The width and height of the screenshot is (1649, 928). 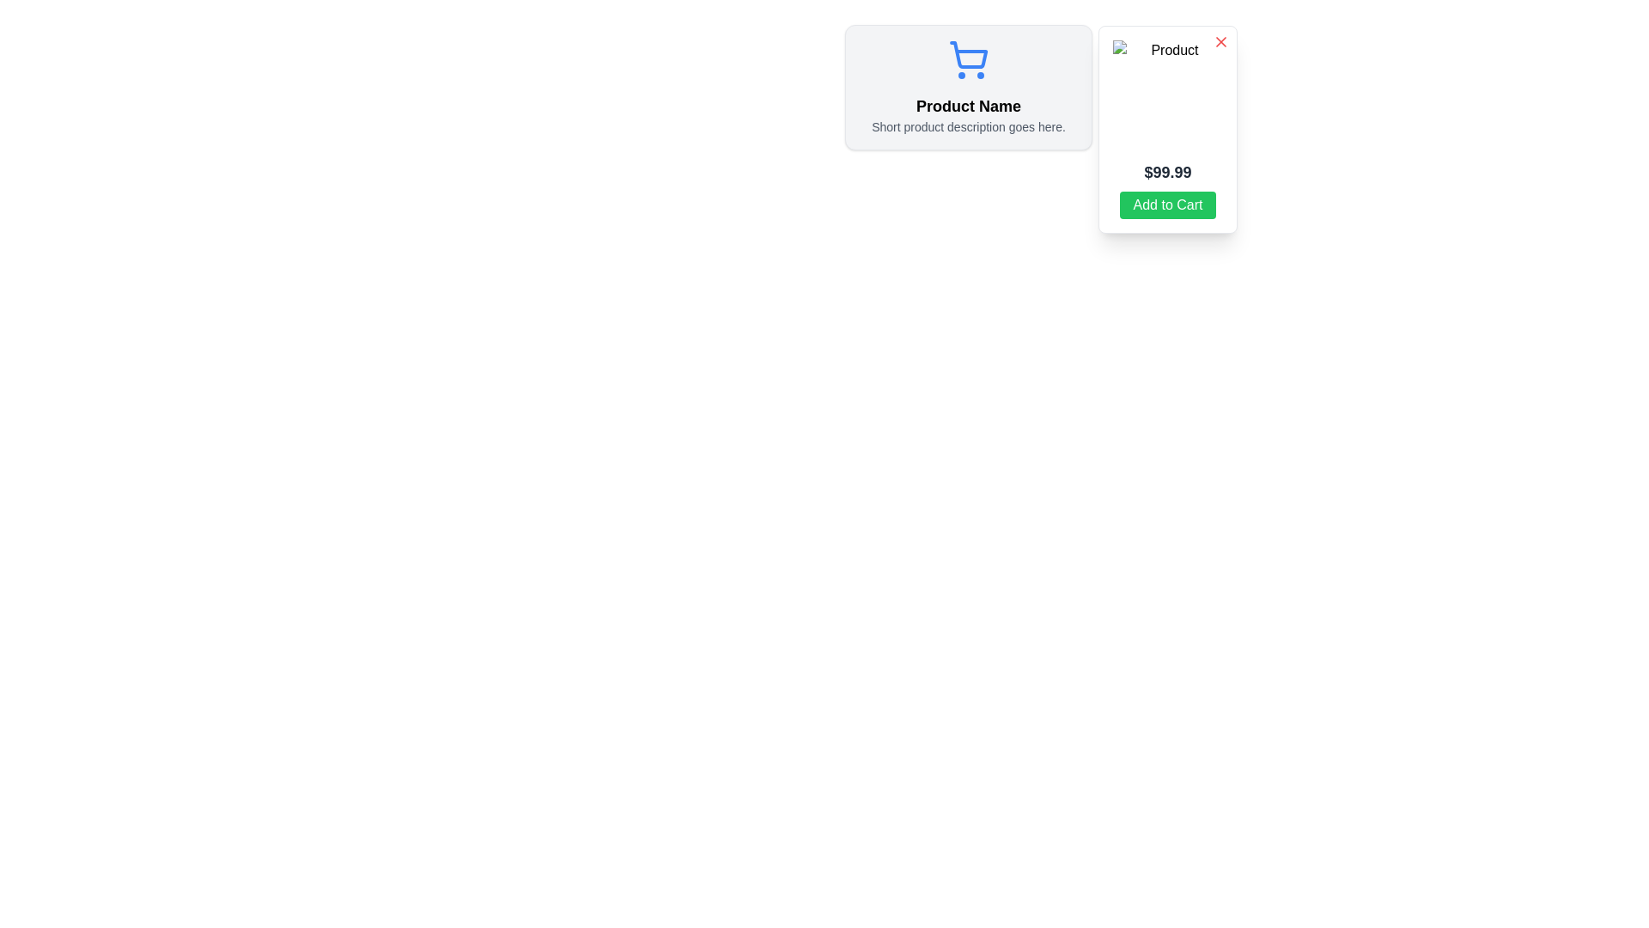 I want to click on the red 'X' icon located in the upper-right corner of the product card, so click(x=1220, y=41).